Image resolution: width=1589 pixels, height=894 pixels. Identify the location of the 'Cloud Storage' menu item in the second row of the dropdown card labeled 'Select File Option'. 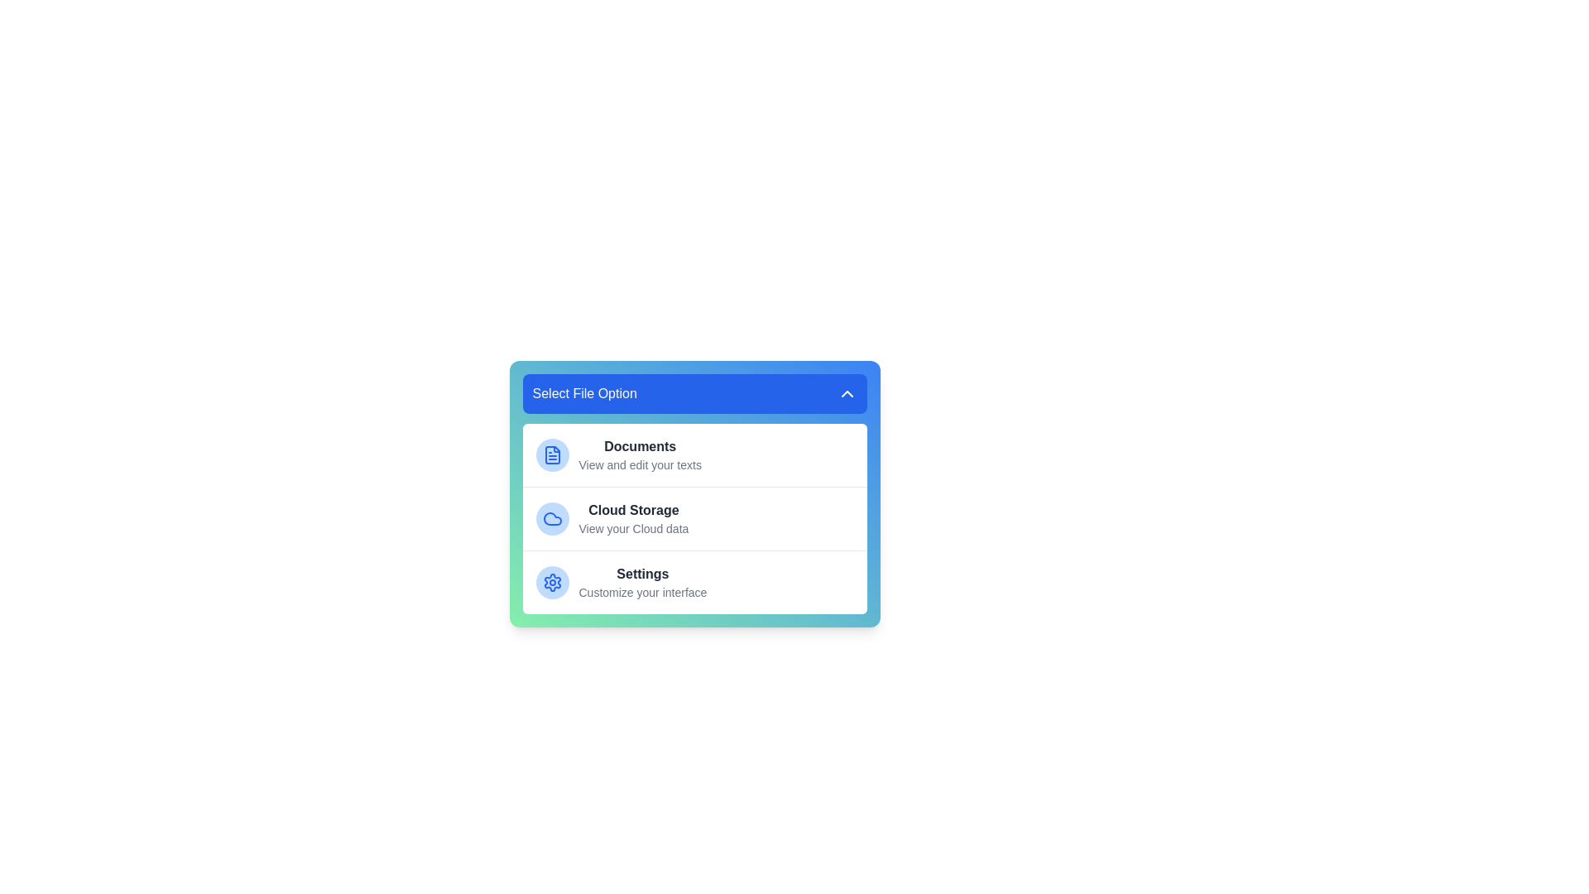
(694, 518).